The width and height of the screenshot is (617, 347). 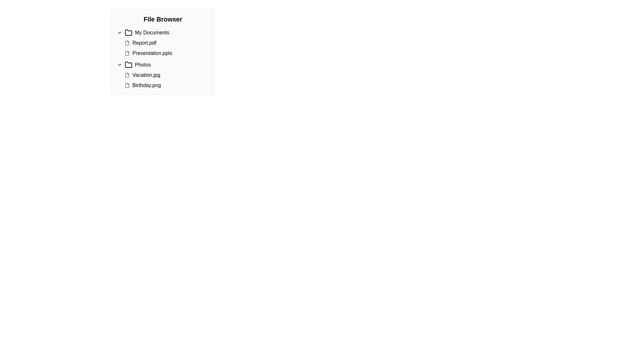 What do you see at coordinates (166, 43) in the screenshot?
I see `the list item labeled 'Report.pdf'` at bounding box center [166, 43].